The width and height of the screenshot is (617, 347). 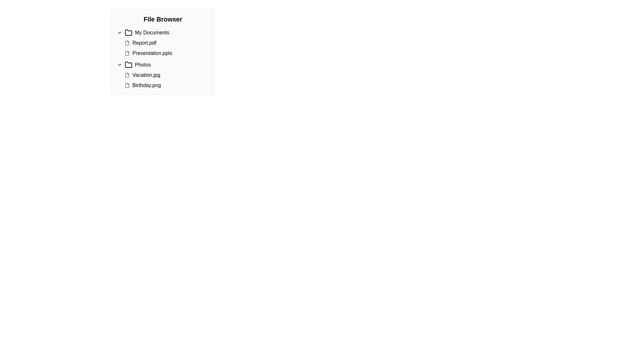 What do you see at coordinates (166, 43) in the screenshot?
I see `the list item labeled 'Report.pdf'` at bounding box center [166, 43].